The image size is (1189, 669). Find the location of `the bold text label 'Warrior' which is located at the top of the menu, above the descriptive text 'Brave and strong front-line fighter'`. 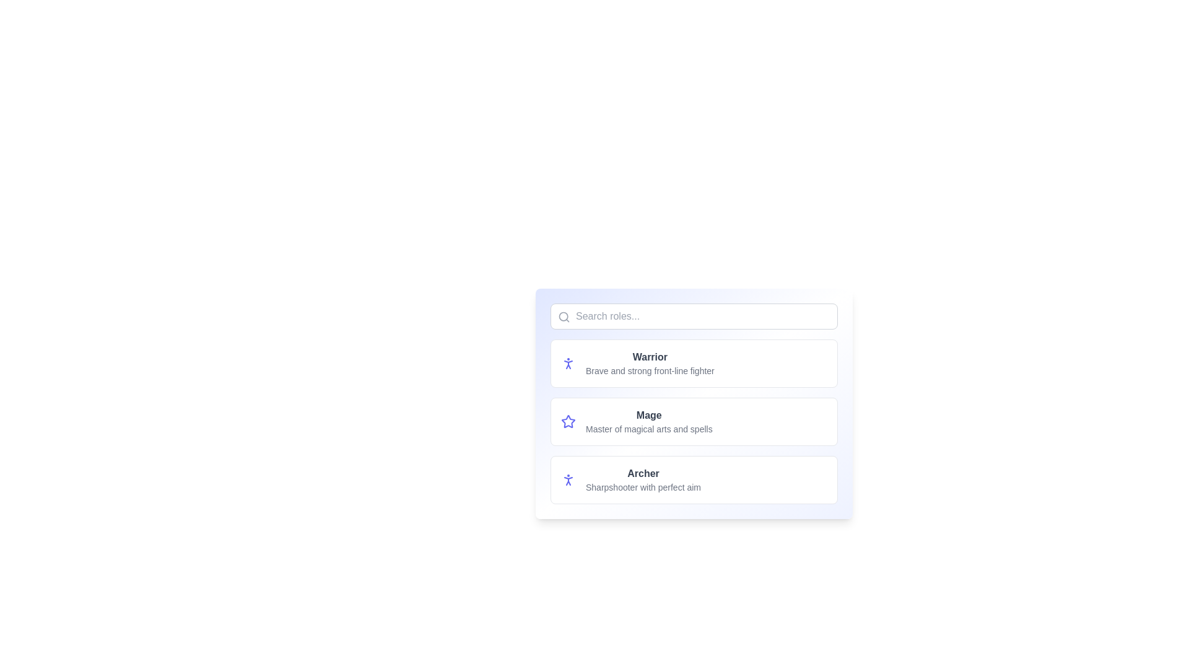

the bold text label 'Warrior' which is located at the top of the menu, above the descriptive text 'Brave and strong front-line fighter' is located at coordinates (649, 357).